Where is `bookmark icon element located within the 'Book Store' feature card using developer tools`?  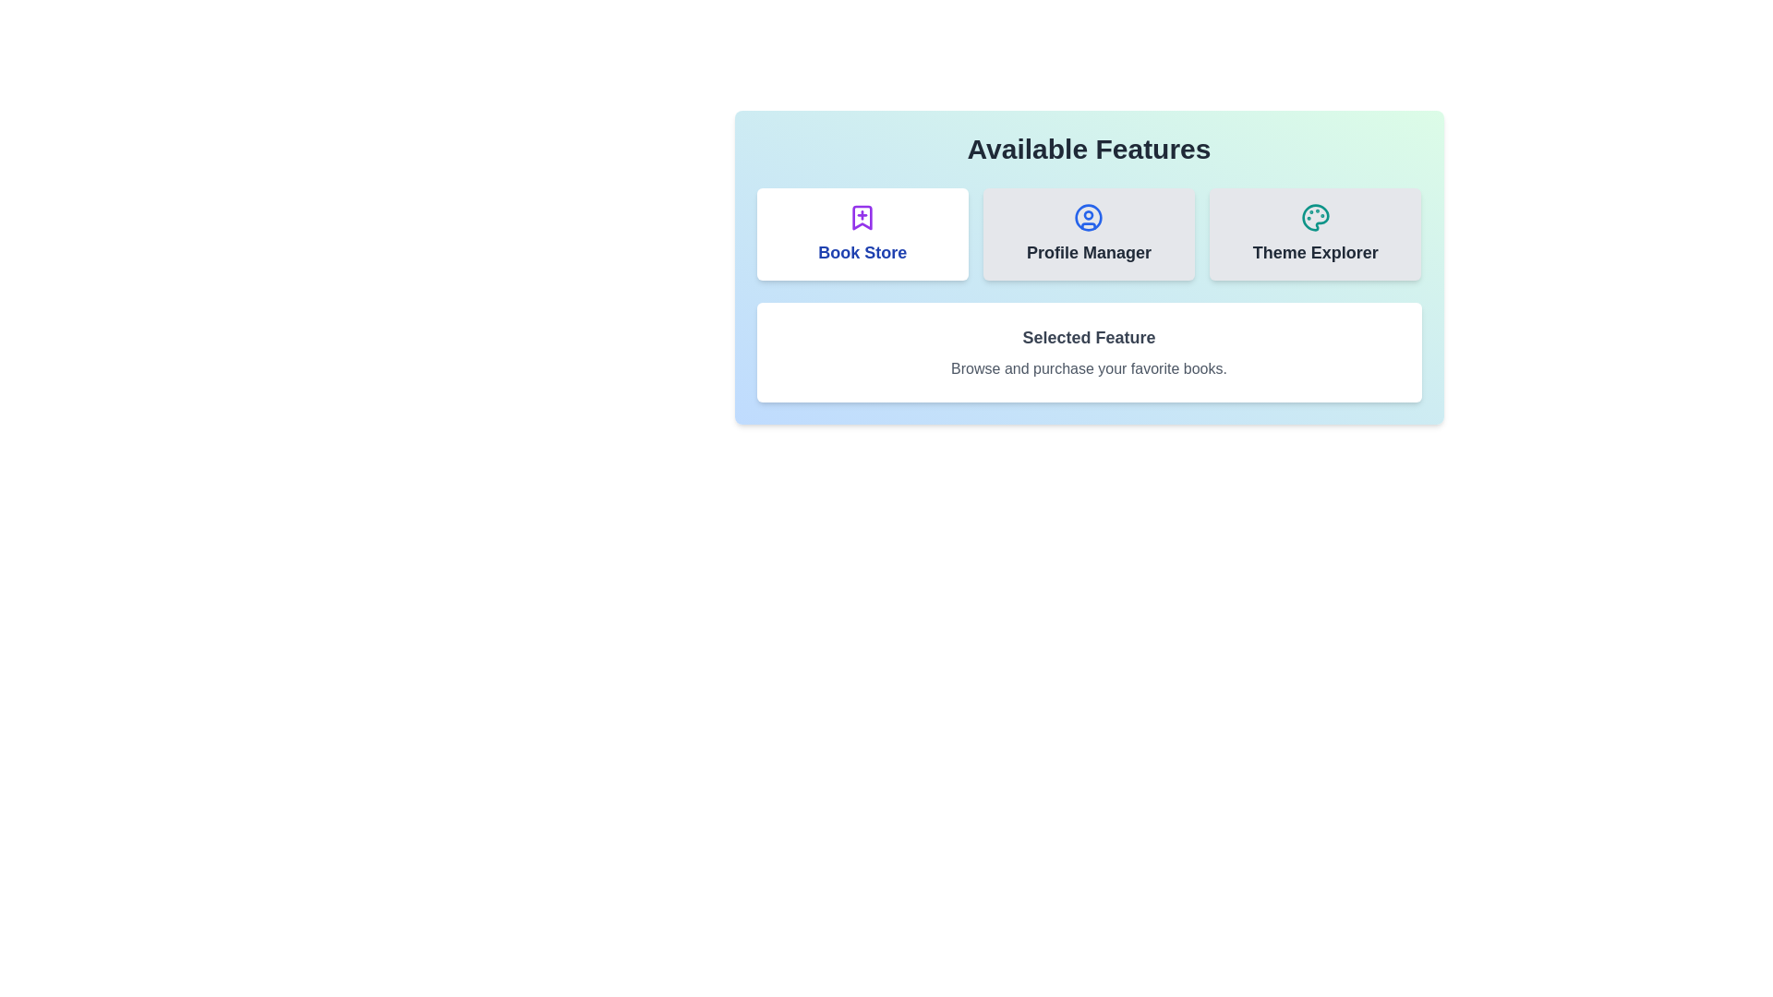 bookmark icon element located within the 'Book Store' feature card using developer tools is located at coordinates (862, 216).